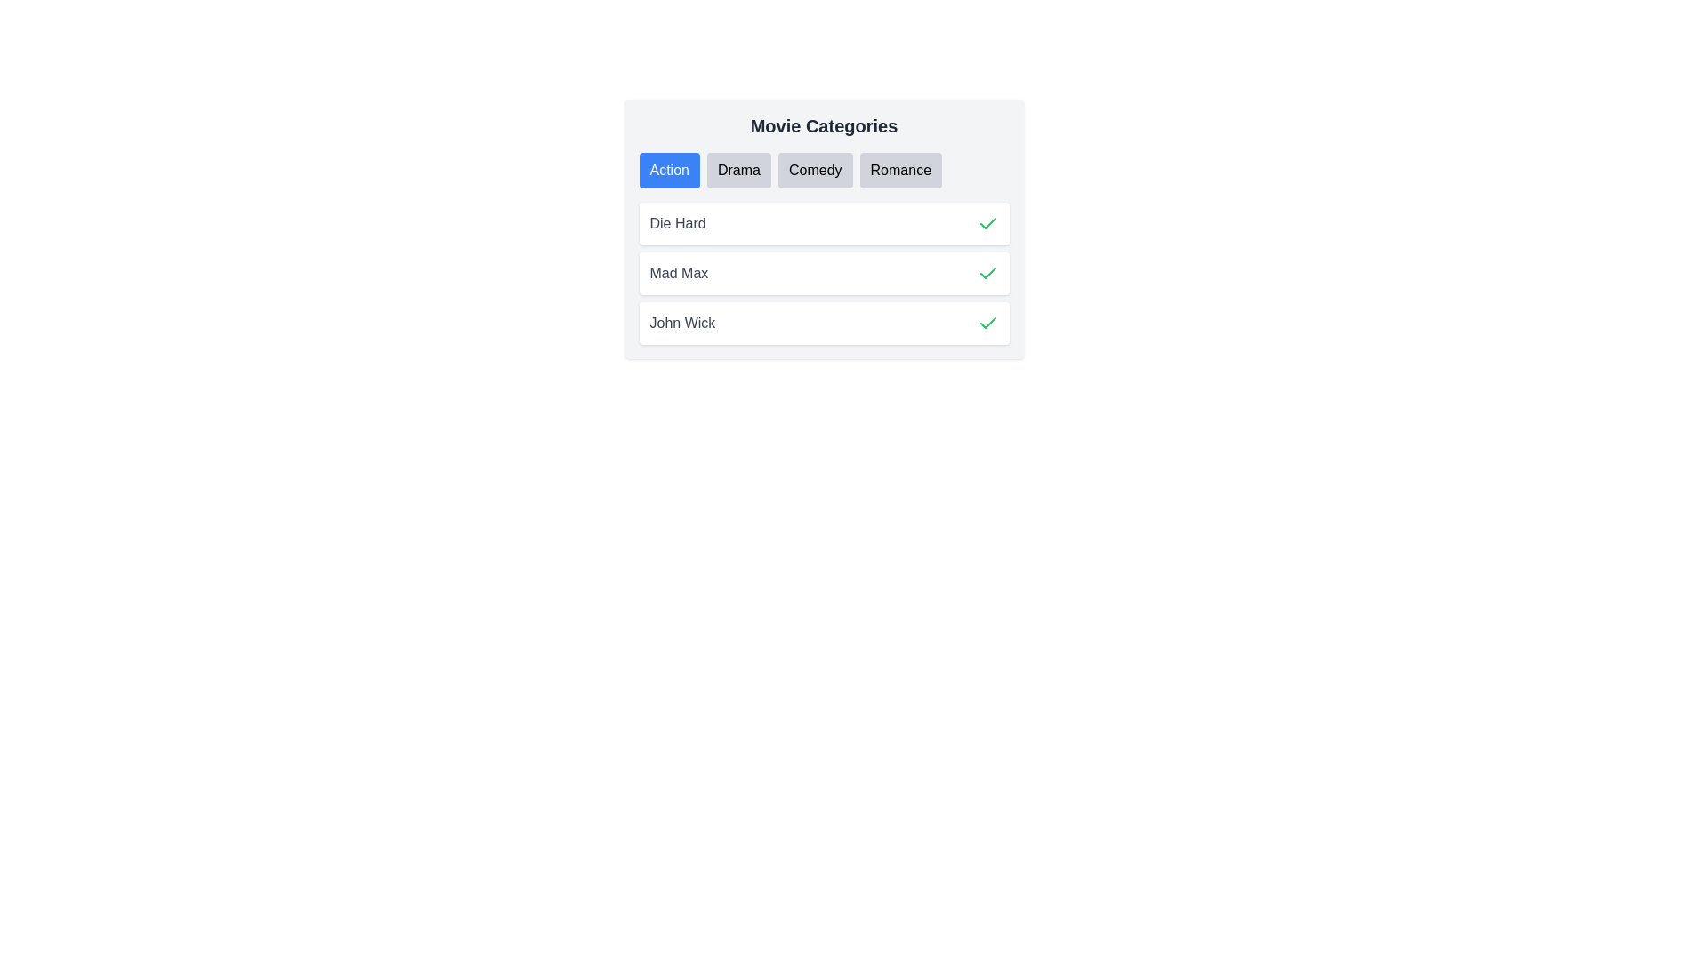 Image resolution: width=1708 pixels, height=960 pixels. Describe the element at coordinates (668, 171) in the screenshot. I see `the blue rectangular button with rounded edges labeled 'Action' located near the top-left of the button group under the 'Movie Categories' heading` at that location.